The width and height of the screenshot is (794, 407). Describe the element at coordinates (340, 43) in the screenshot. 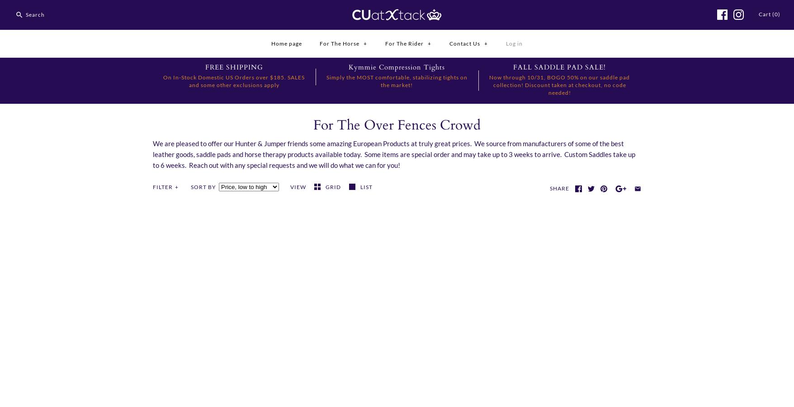

I see `'For The Horse'` at that location.